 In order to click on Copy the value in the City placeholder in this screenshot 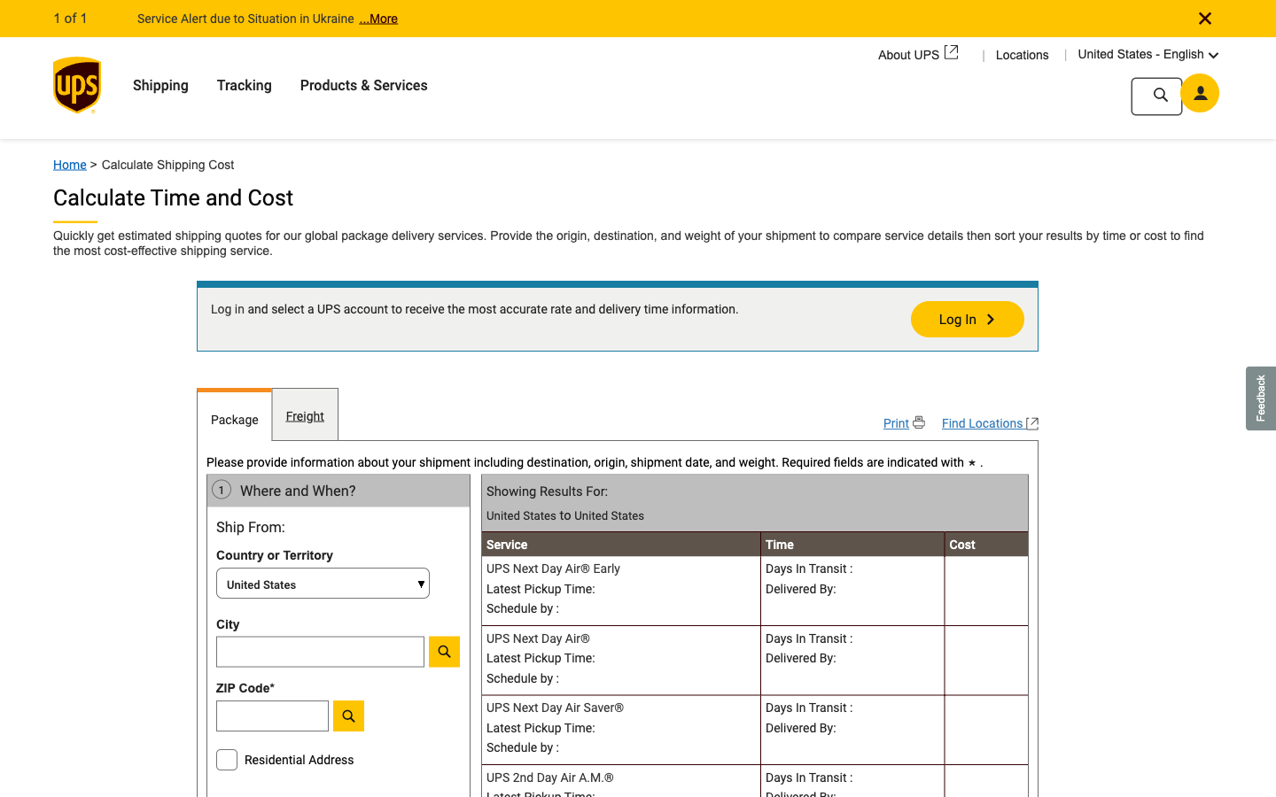, I will do `click(322, 650)`.